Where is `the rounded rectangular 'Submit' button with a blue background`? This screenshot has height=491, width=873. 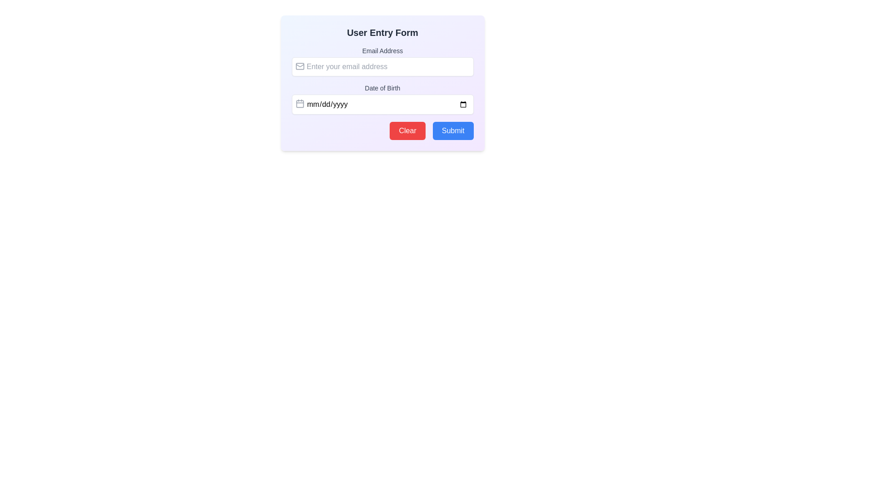 the rounded rectangular 'Submit' button with a blue background is located at coordinates (453, 131).